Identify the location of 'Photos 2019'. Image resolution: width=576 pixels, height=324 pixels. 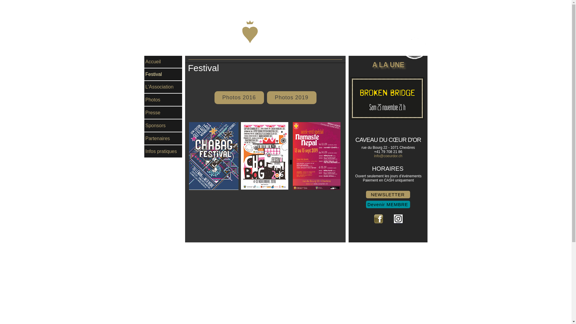
(292, 97).